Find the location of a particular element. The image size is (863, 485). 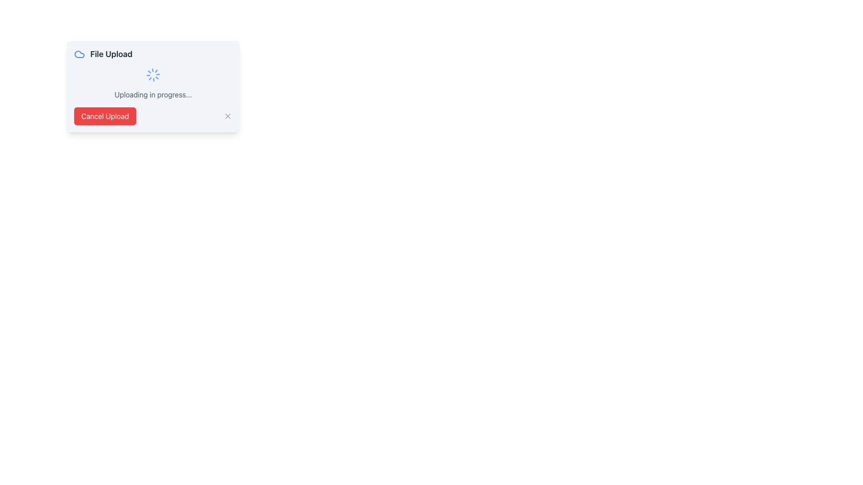

status displayed in the 'Uploading in progress...' text of the Status Display with Animation located in the 'File Upload' dialog box is located at coordinates (153, 84).